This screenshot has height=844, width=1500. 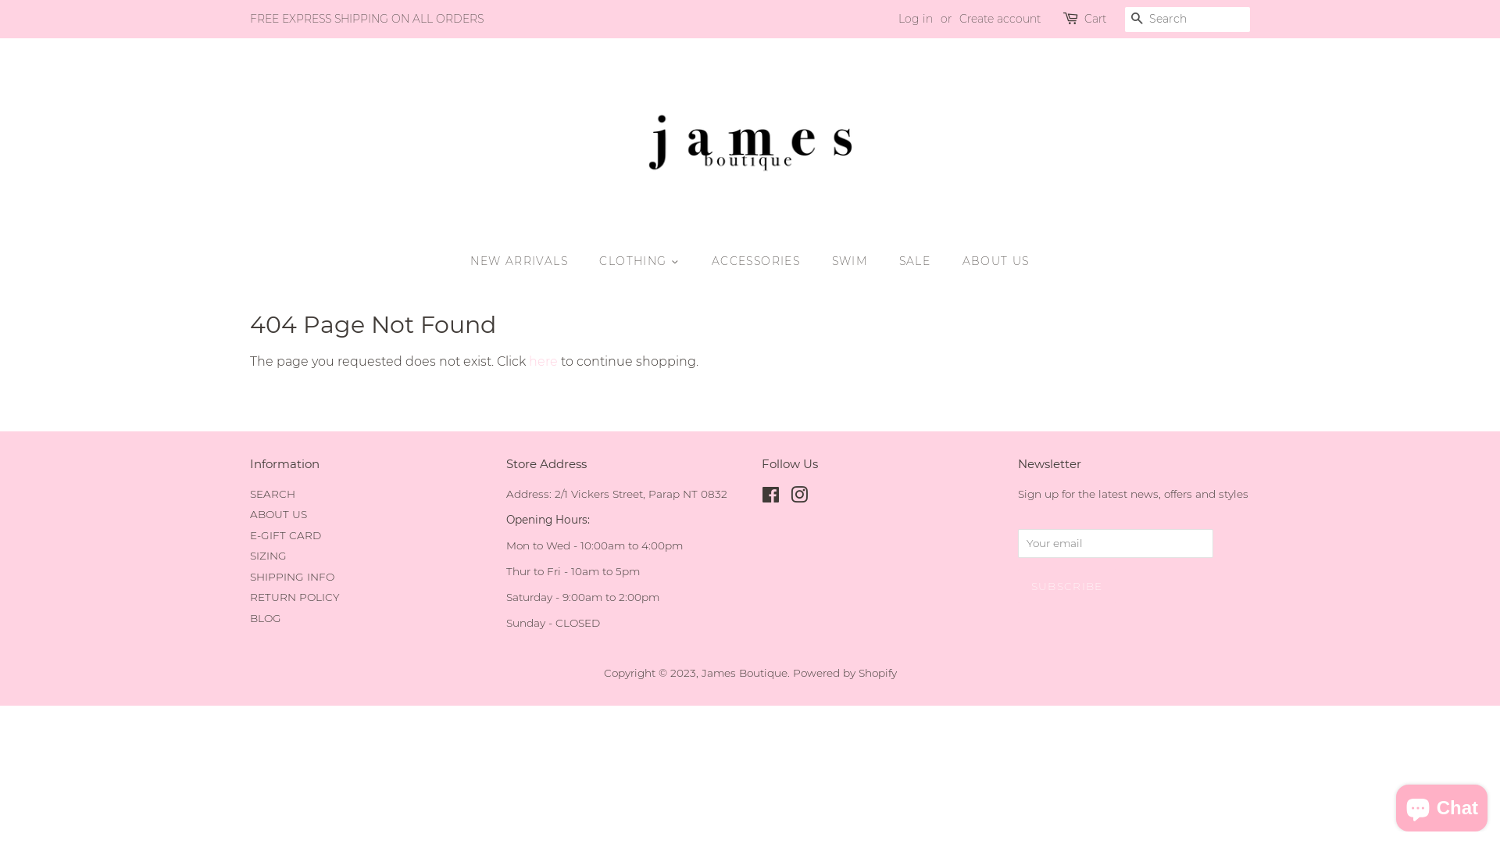 What do you see at coordinates (917, 261) in the screenshot?
I see `'SALE'` at bounding box center [917, 261].